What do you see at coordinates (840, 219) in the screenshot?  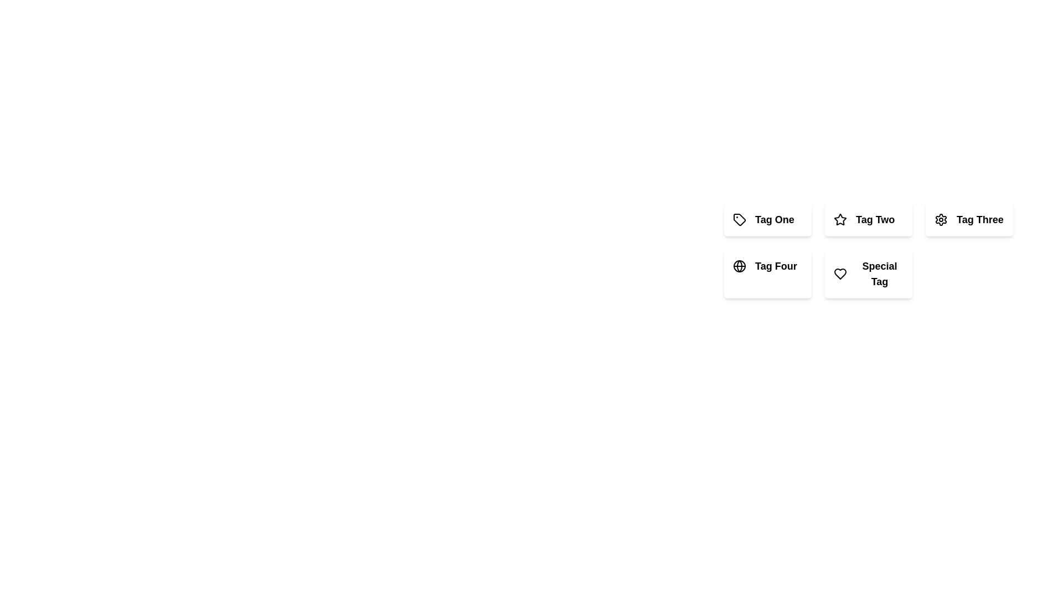 I see `star icon used for marking favorites located within the 'Tag Two' label in the second column of the top row of the grid layout` at bounding box center [840, 219].